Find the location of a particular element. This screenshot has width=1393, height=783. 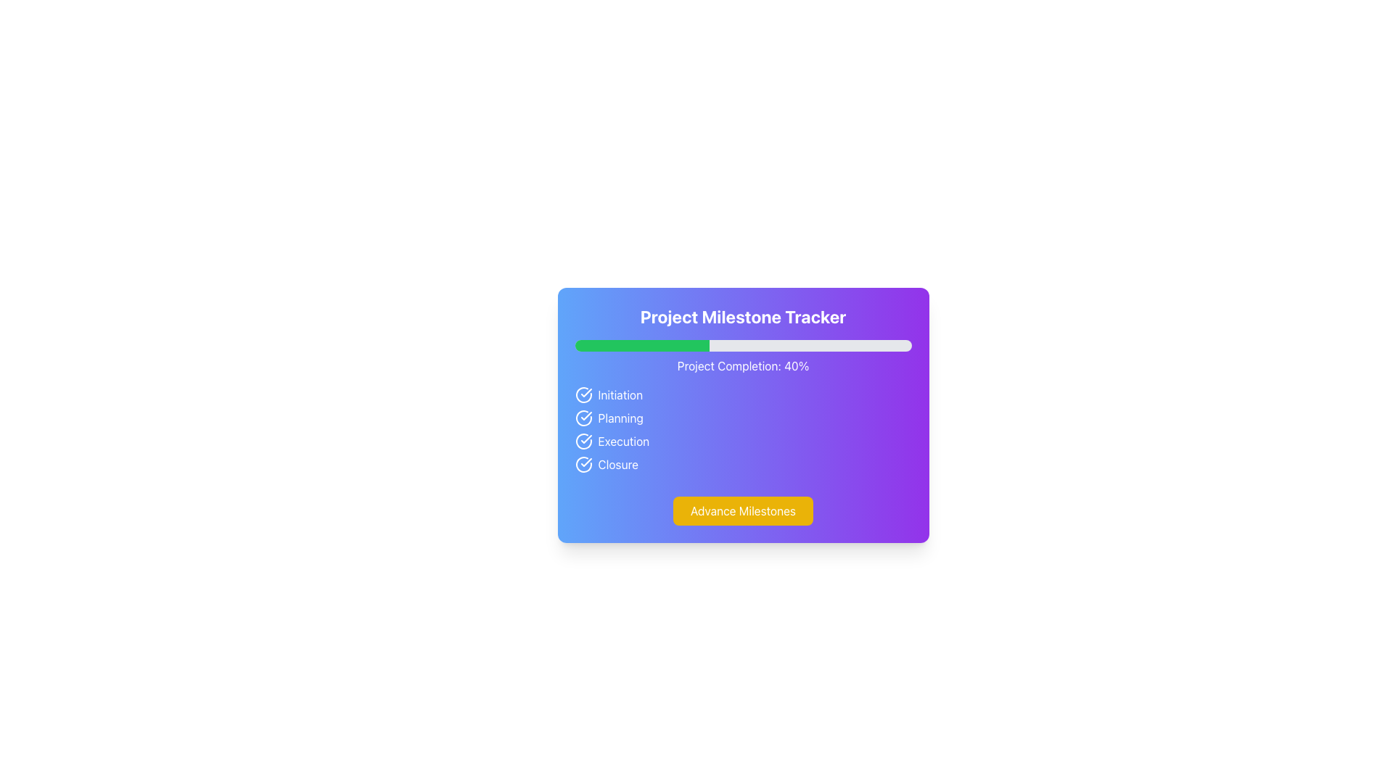

the decorative indicator icon representing the completion status of the milestone labeled 'Planning', which is the second position in the milestone list within the 'Project Milestone Tracker' interface is located at coordinates (583, 418).